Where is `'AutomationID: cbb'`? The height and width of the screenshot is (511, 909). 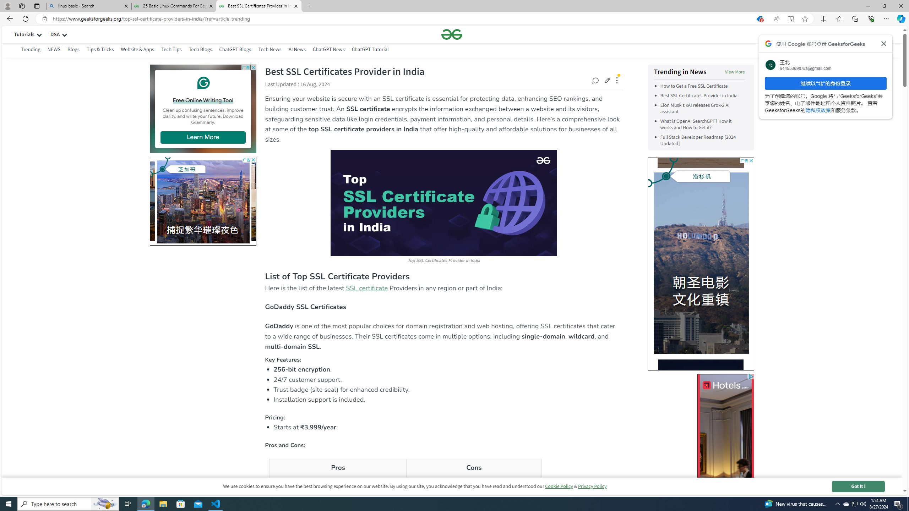
'AutomationID: cbb' is located at coordinates (750, 160).